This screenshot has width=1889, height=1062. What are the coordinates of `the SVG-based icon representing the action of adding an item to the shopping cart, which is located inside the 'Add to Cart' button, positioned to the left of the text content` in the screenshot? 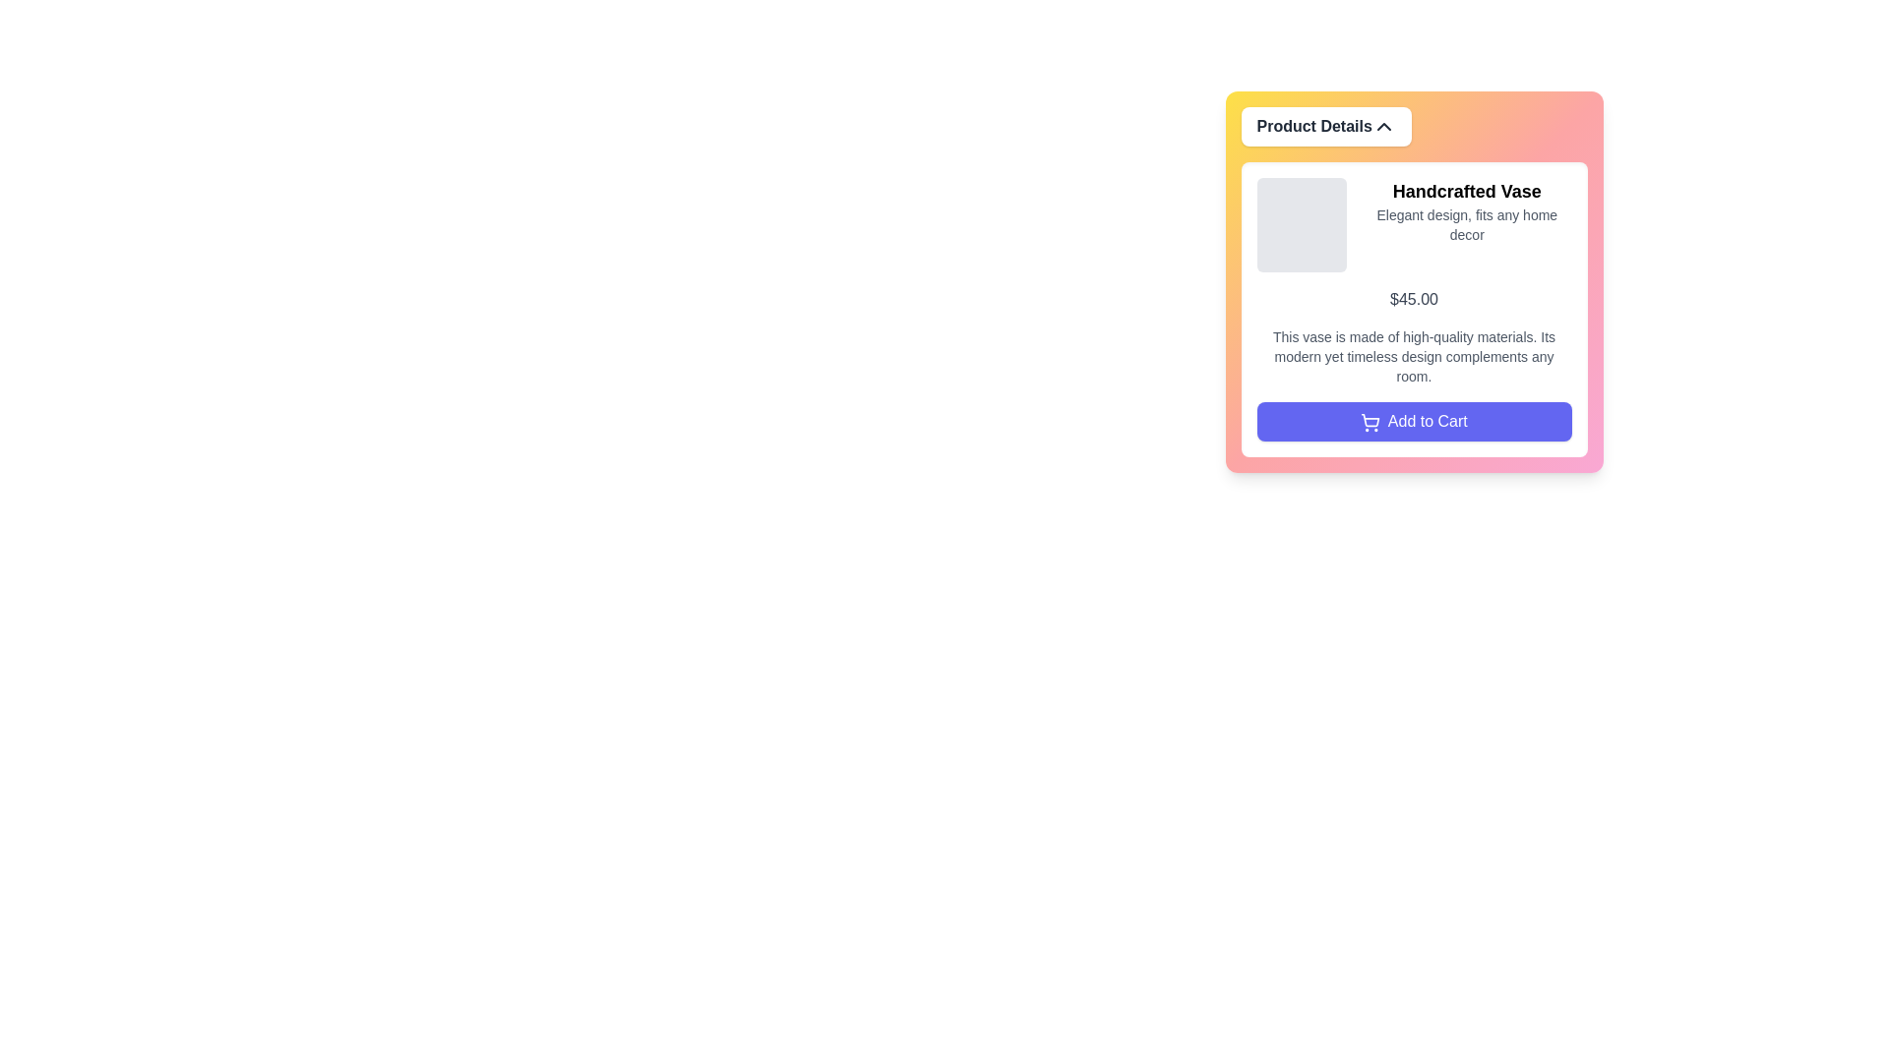 It's located at (1370, 421).